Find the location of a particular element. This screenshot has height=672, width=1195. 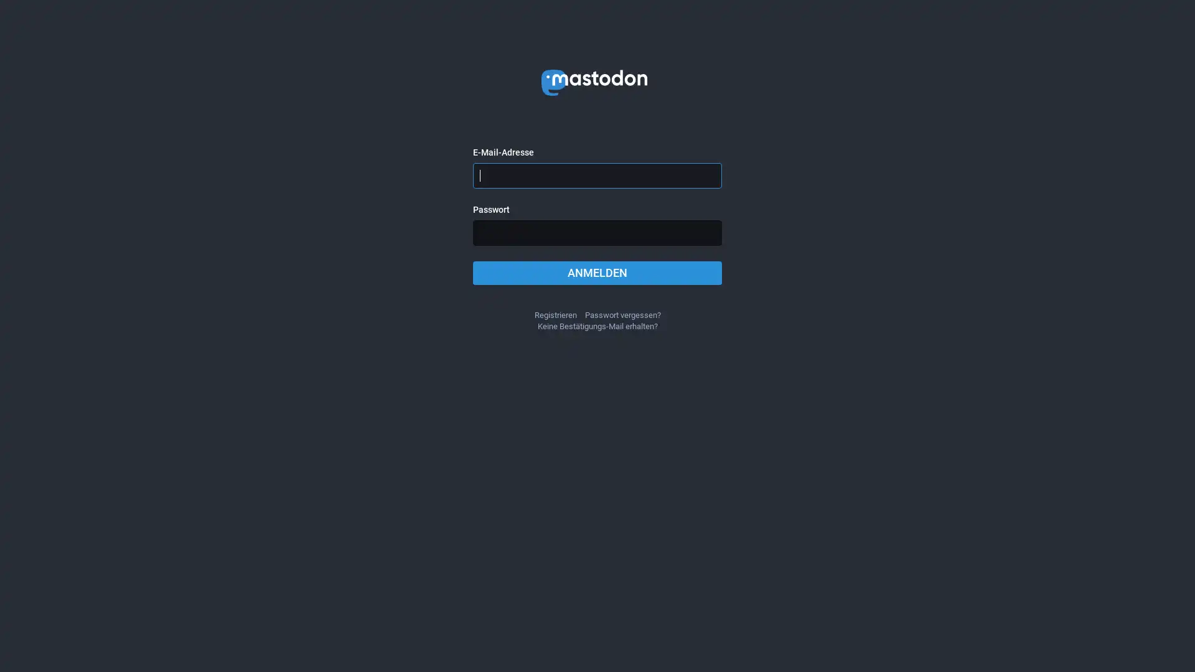

ANMELDEN is located at coordinates (597, 273).